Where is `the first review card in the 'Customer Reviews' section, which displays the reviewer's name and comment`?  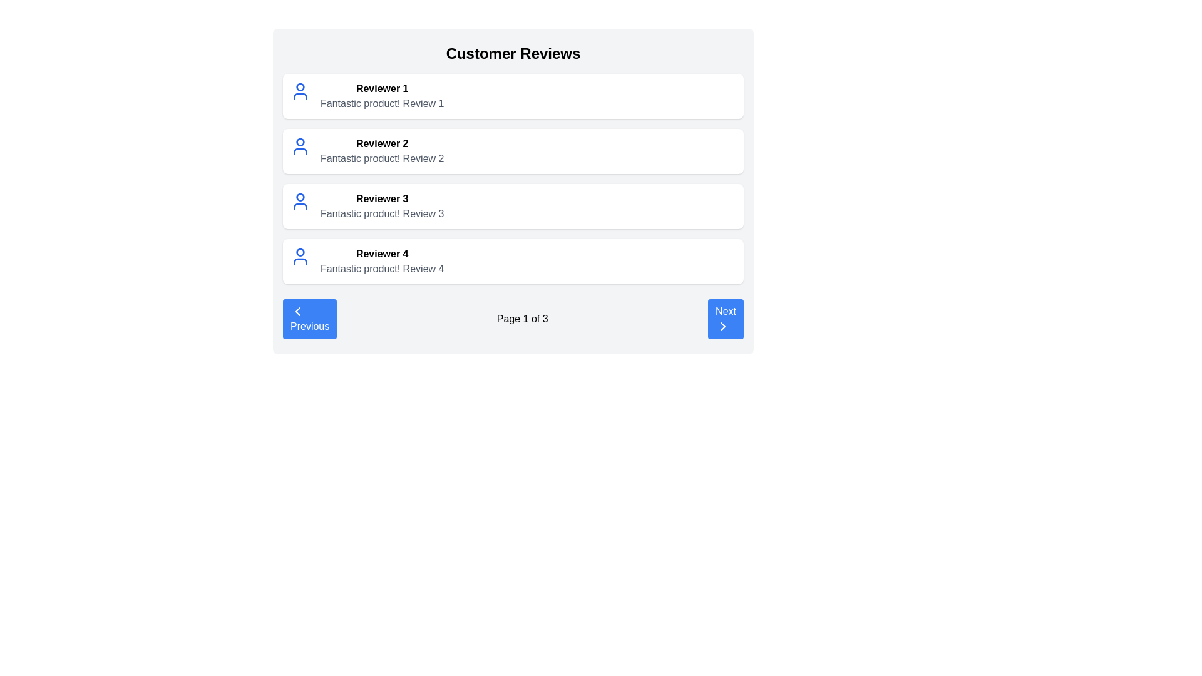
the first review card in the 'Customer Reviews' section, which displays the reviewer's name and comment is located at coordinates (513, 96).